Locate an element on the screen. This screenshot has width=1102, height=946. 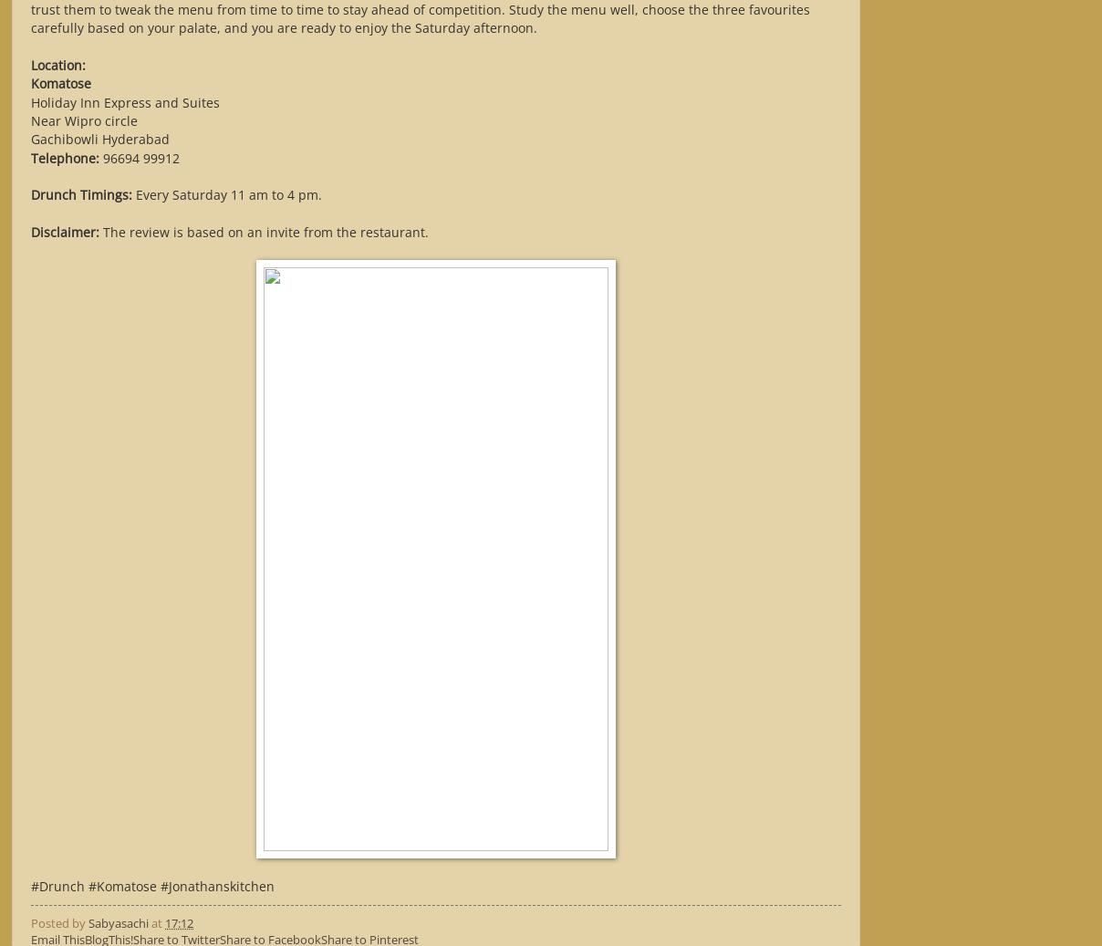
'The review is based on an invite from the restaurant.' is located at coordinates (98, 230).